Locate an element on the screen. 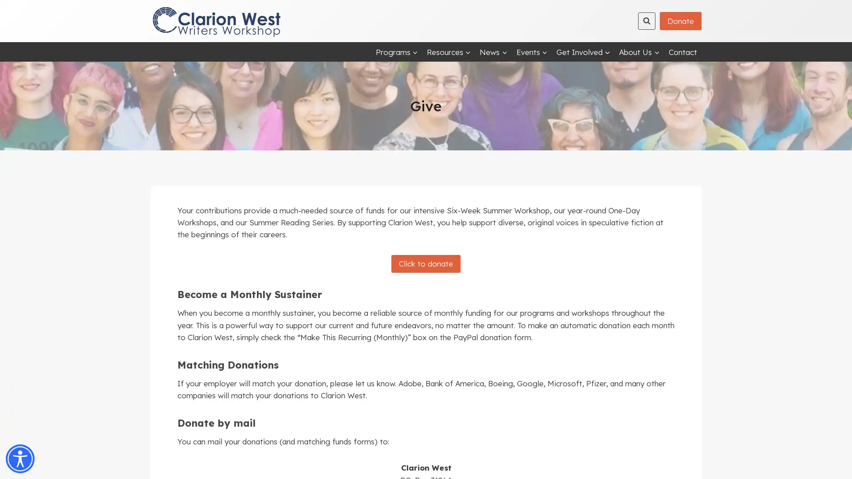  Accessibility Menu is located at coordinates (20, 459).